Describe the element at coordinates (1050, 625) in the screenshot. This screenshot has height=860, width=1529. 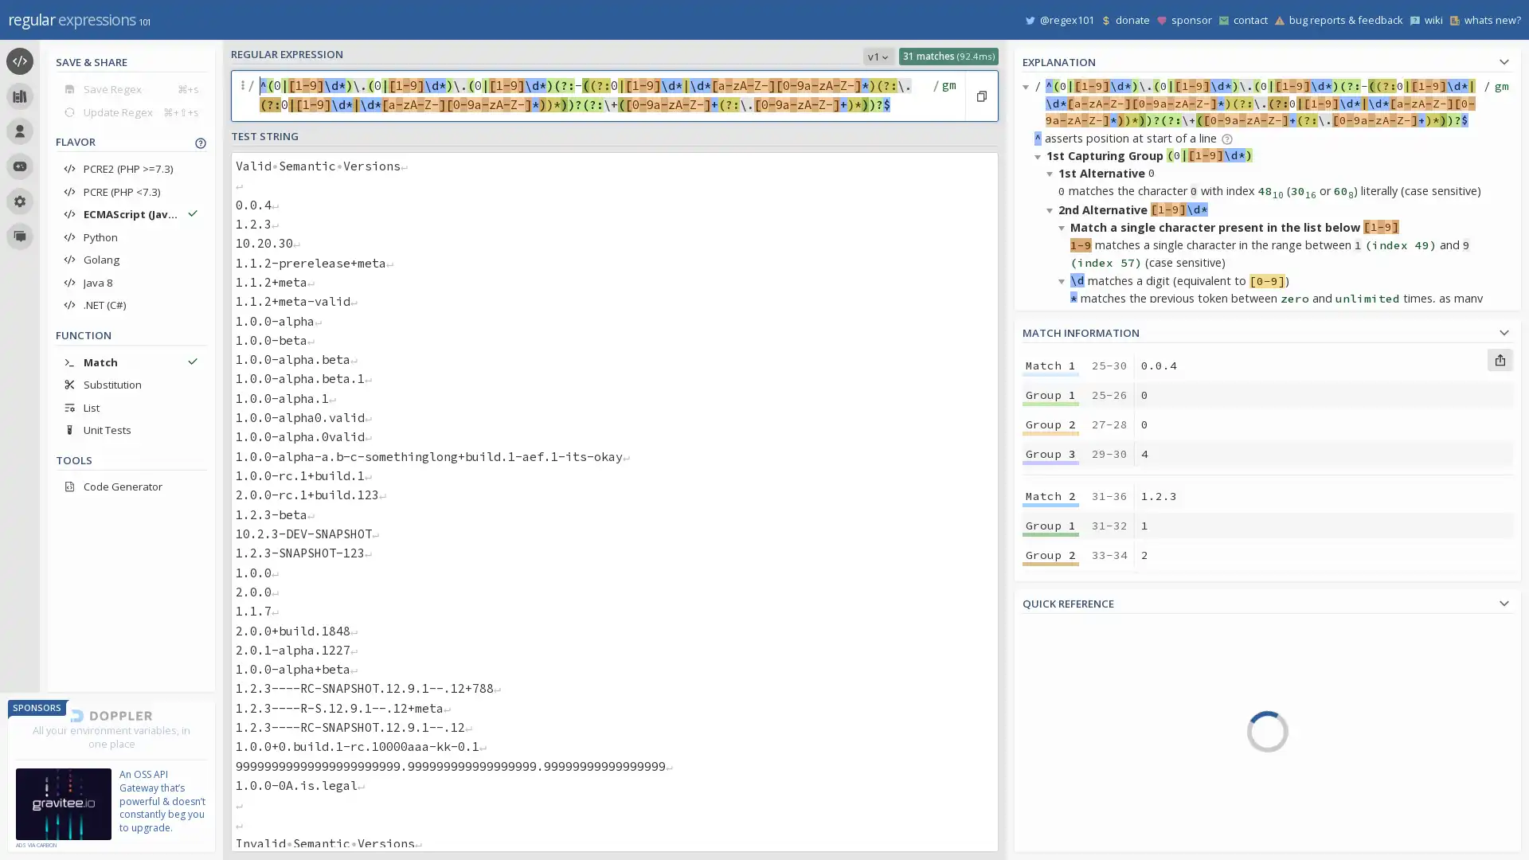
I see `Match 3` at that location.